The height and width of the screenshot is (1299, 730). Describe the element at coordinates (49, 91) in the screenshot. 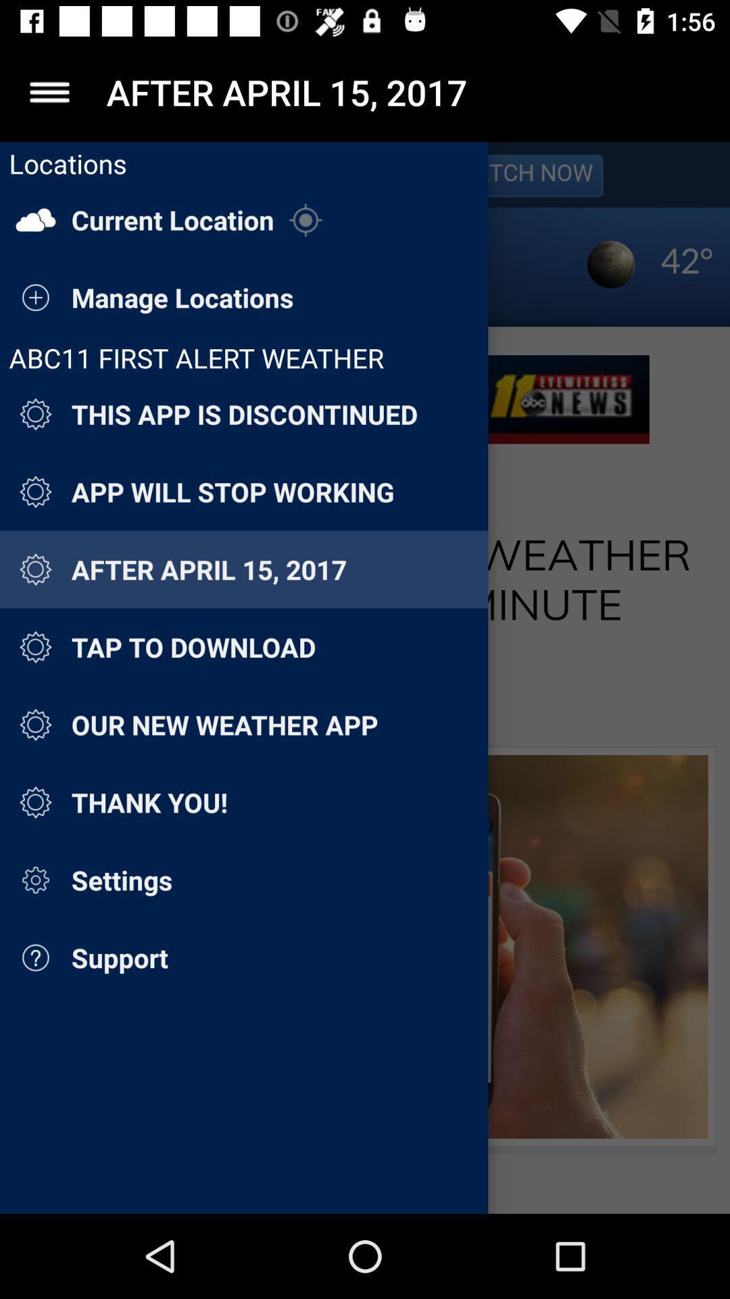

I see `open settings` at that location.